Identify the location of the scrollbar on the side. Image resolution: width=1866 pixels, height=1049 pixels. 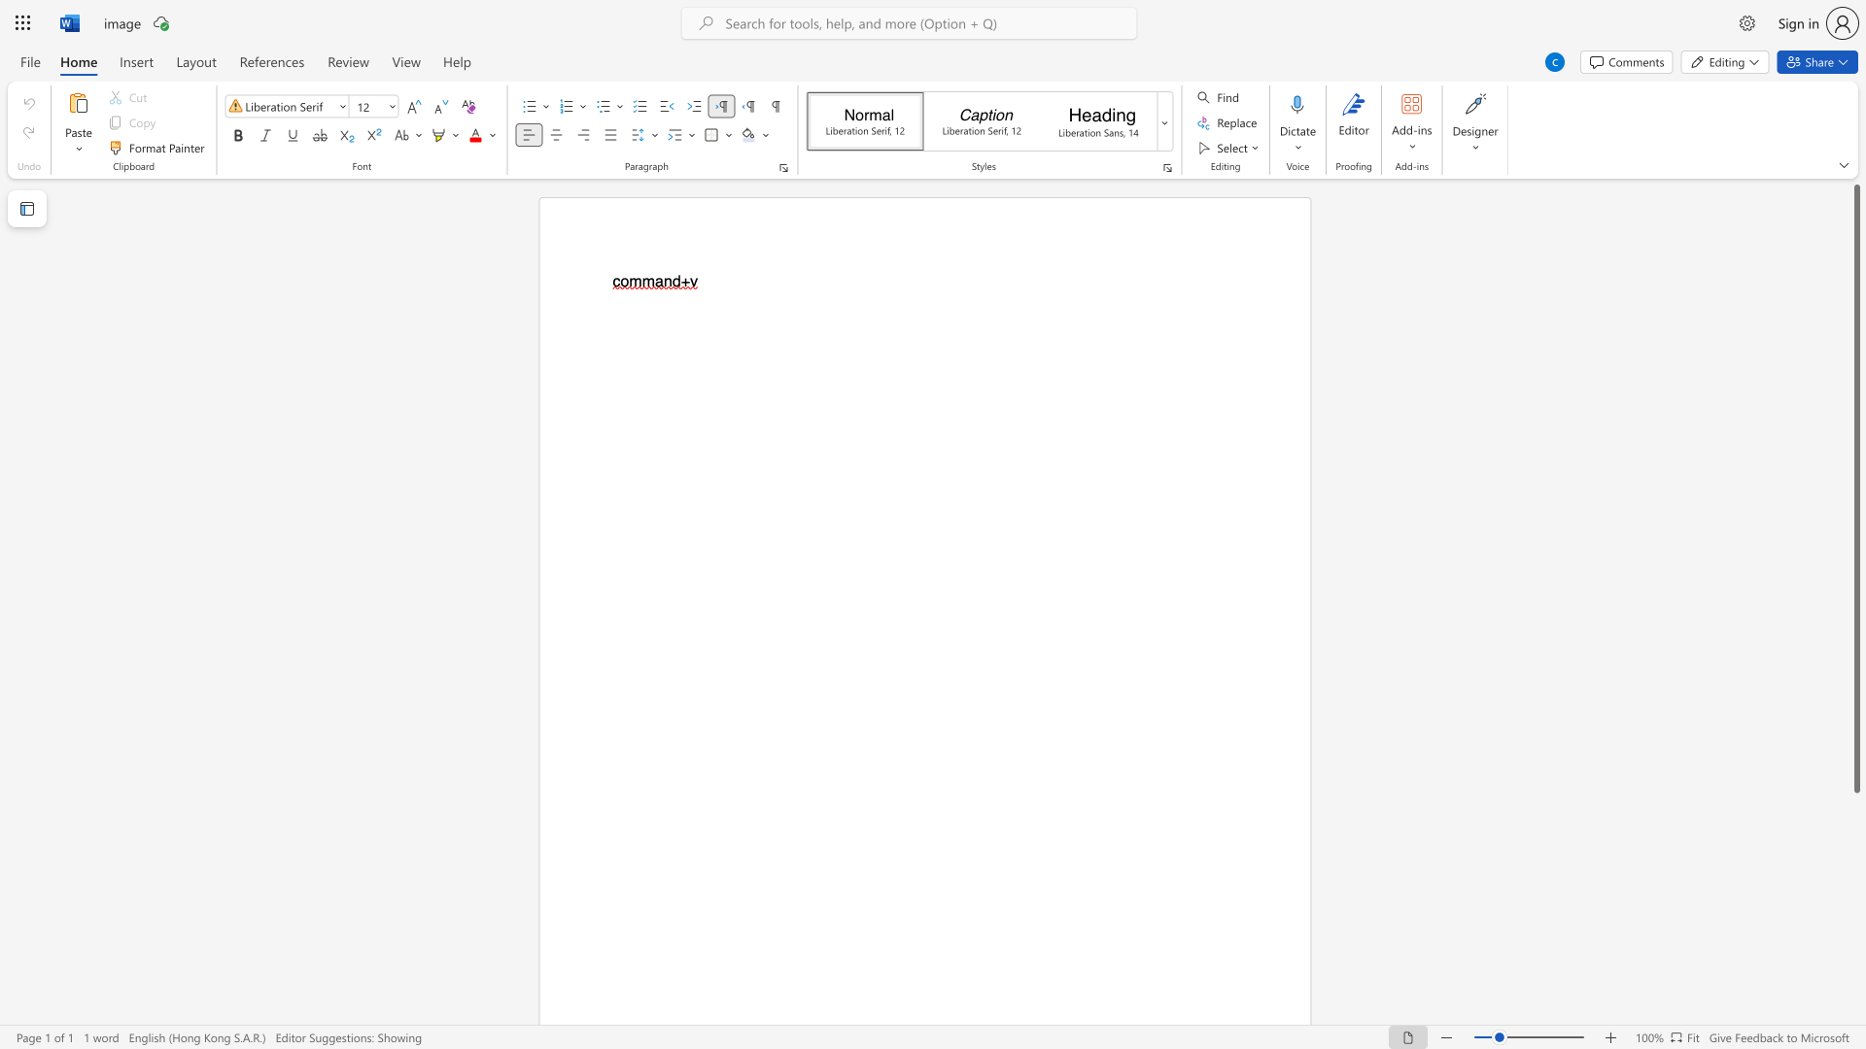
(1855, 962).